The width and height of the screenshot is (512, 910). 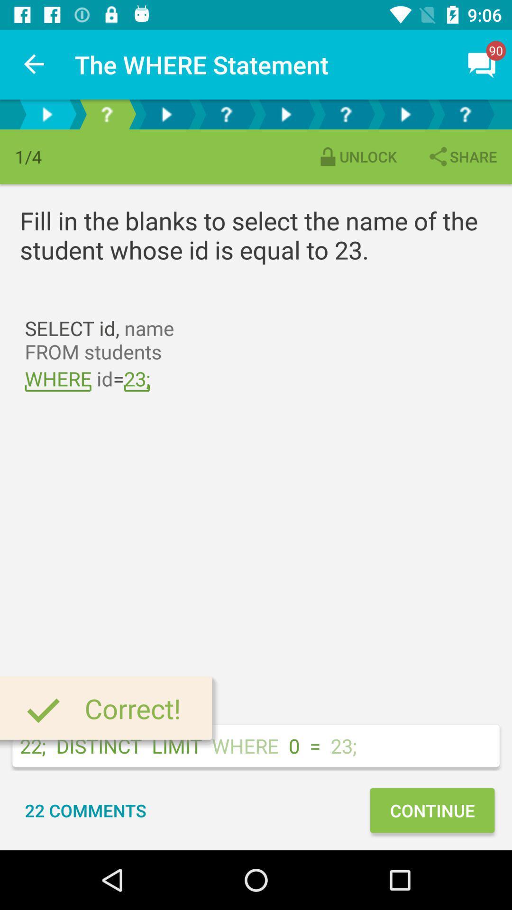 What do you see at coordinates (405, 114) in the screenshot?
I see `next page` at bounding box center [405, 114].